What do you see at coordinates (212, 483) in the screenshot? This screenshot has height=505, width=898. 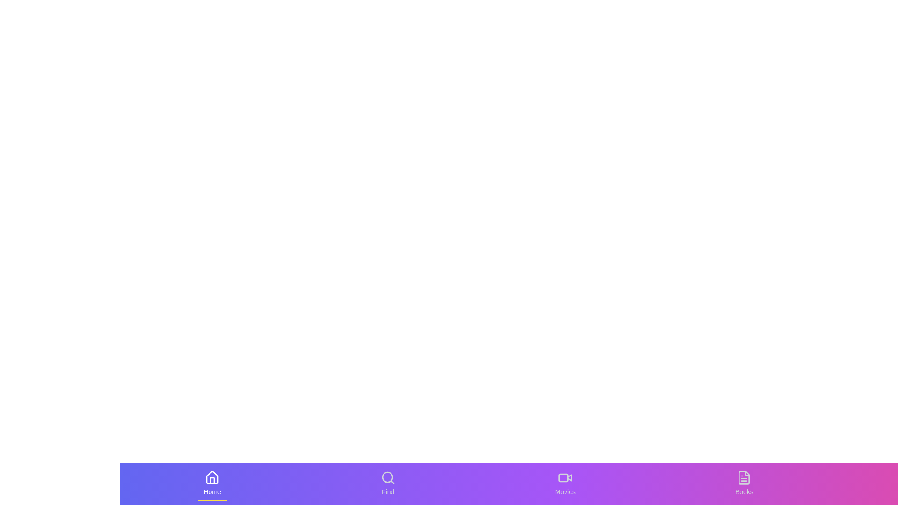 I see `the Home tab to switch to its view` at bounding box center [212, 483].